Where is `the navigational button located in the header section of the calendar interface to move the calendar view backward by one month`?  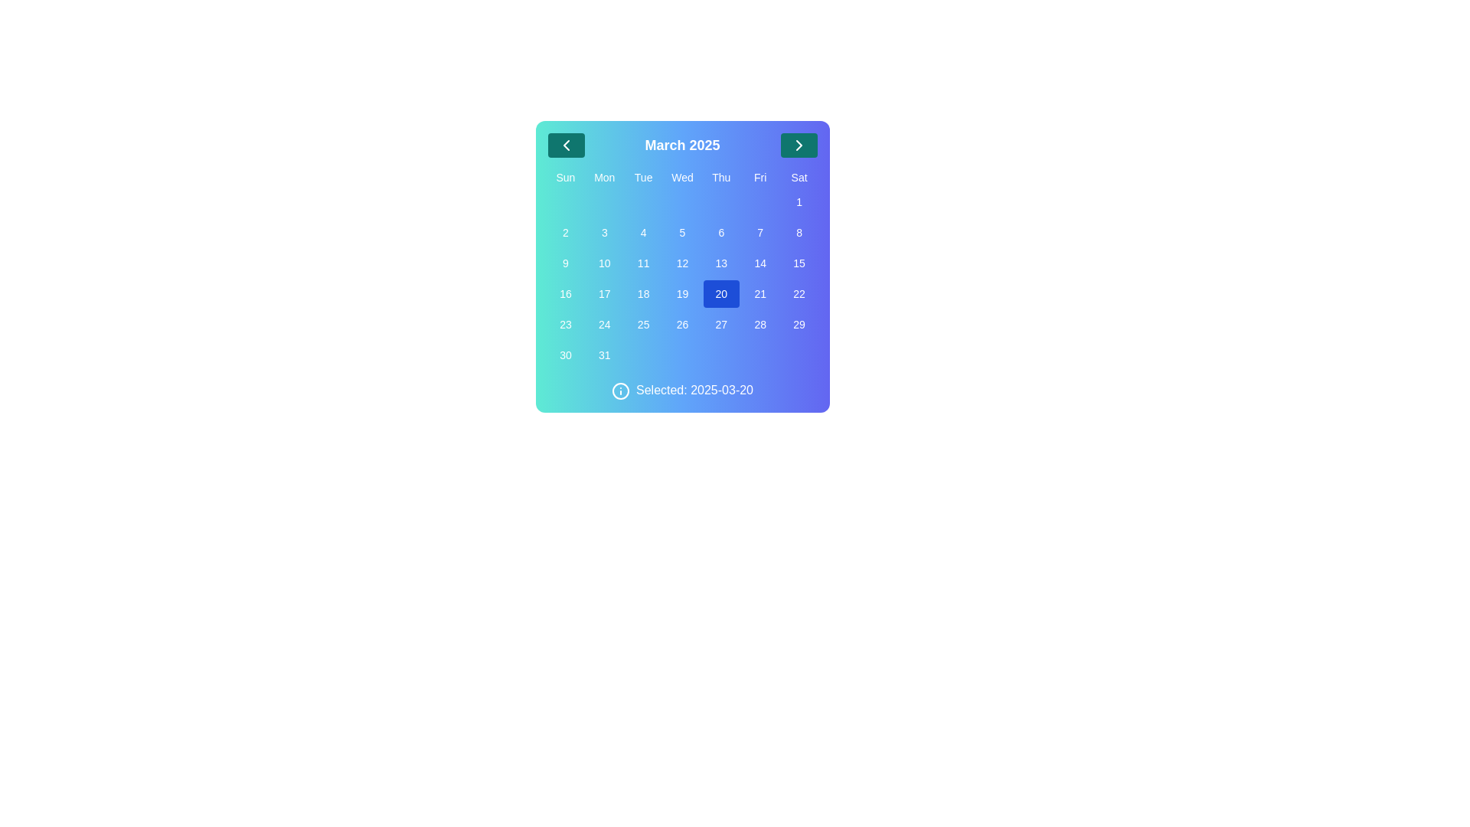
the navigational button located in the header section of the calendar interface to move the calendar view backward by one month is located at coordinates (565, 145).